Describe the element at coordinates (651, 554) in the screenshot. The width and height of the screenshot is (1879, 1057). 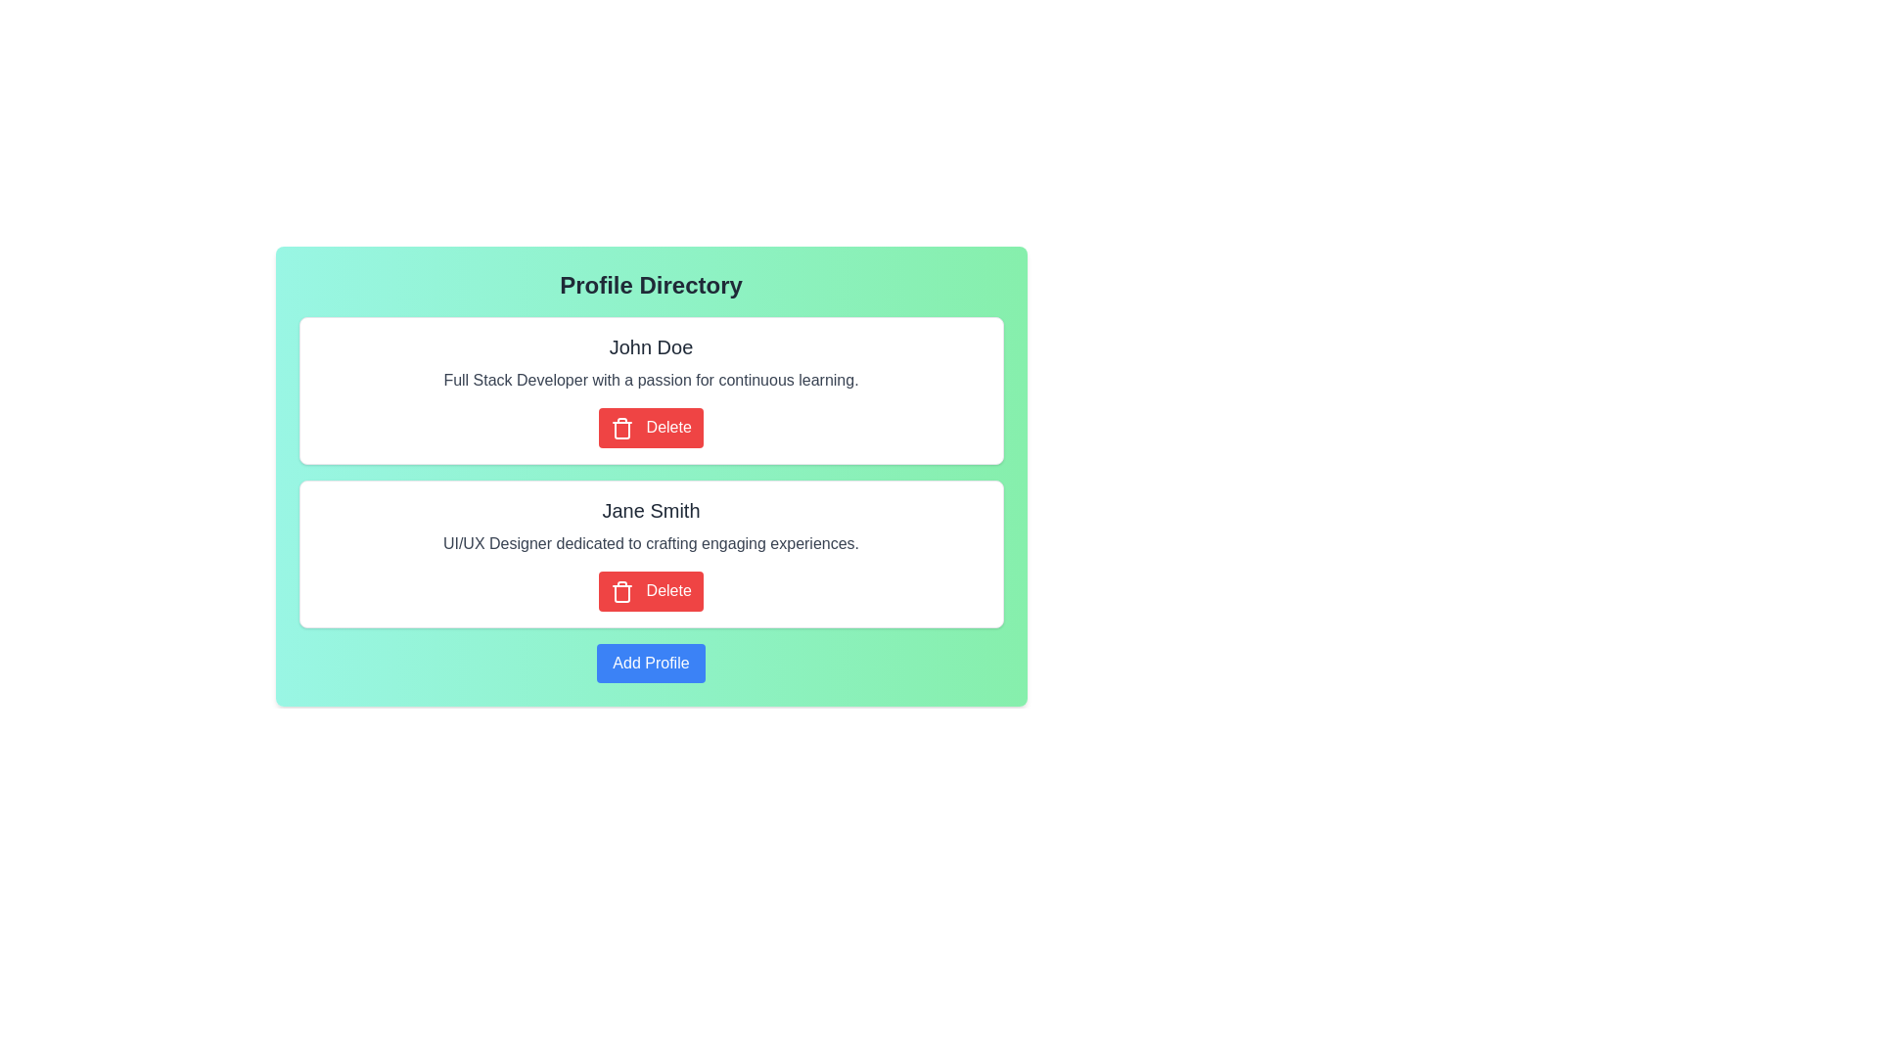
I see `profile information from the second Profile card in the Profile Directory section, which has a white background, rounded corners, and a red 'Delete' button at the bottom` at that location.